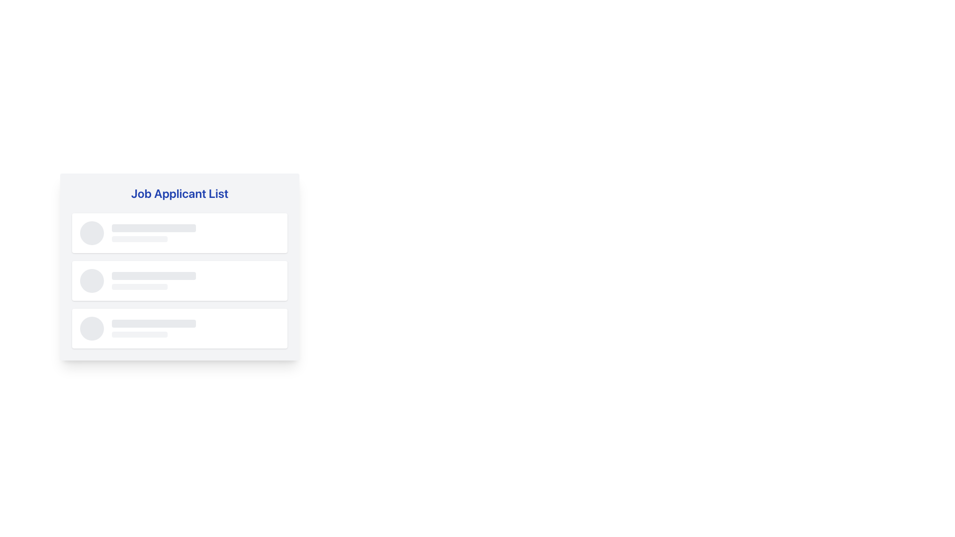 The height and width of the screenshot is (537, 955). Describe the element at coordinates (180, 290) in the screenshot. I see `the individual rows within the 'Job Applicant List' component, which is a card-like layout with a title in blue bold font and circular image placeholders` at that location.